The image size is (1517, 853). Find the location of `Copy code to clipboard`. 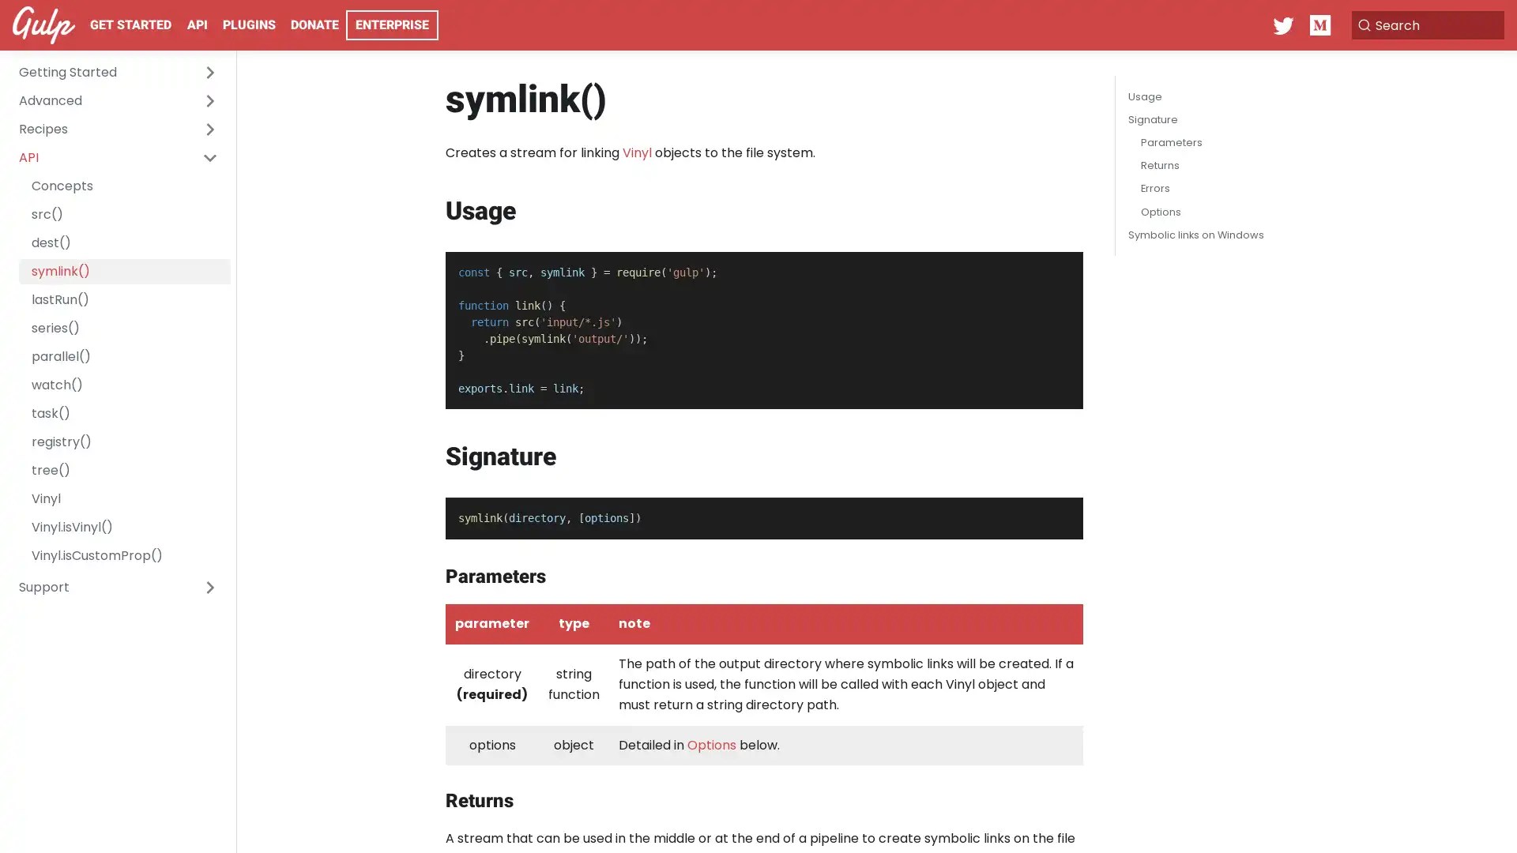

Copy code to clipboard is located at coordinates (1057, 268).